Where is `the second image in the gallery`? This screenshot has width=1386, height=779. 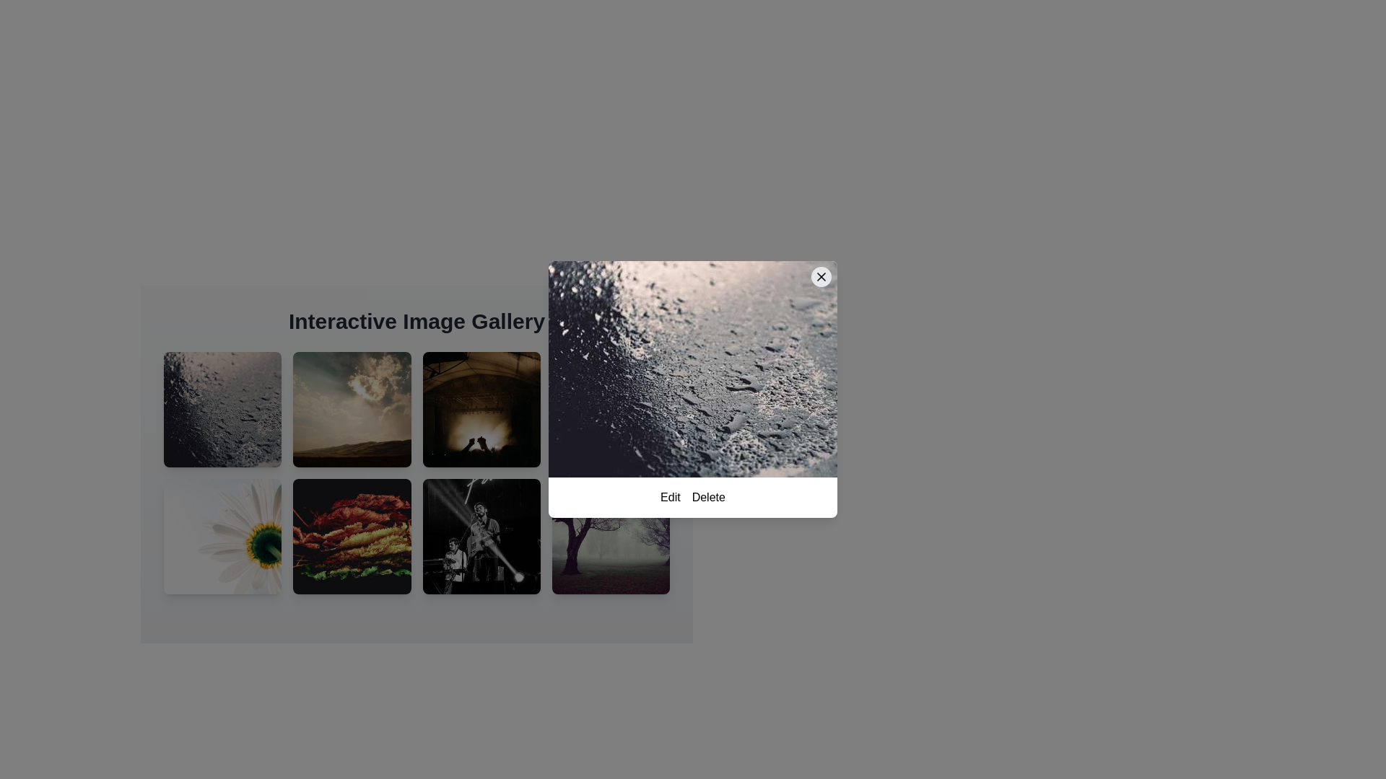 the second image in the gallery is located at coordinates (352, 409).